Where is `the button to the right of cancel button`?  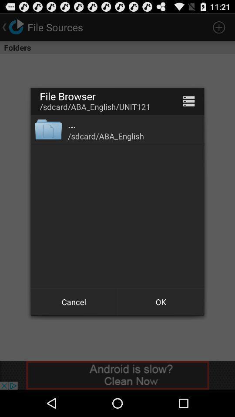
the button to the right of cancel button is located at coordinates (160, 302).